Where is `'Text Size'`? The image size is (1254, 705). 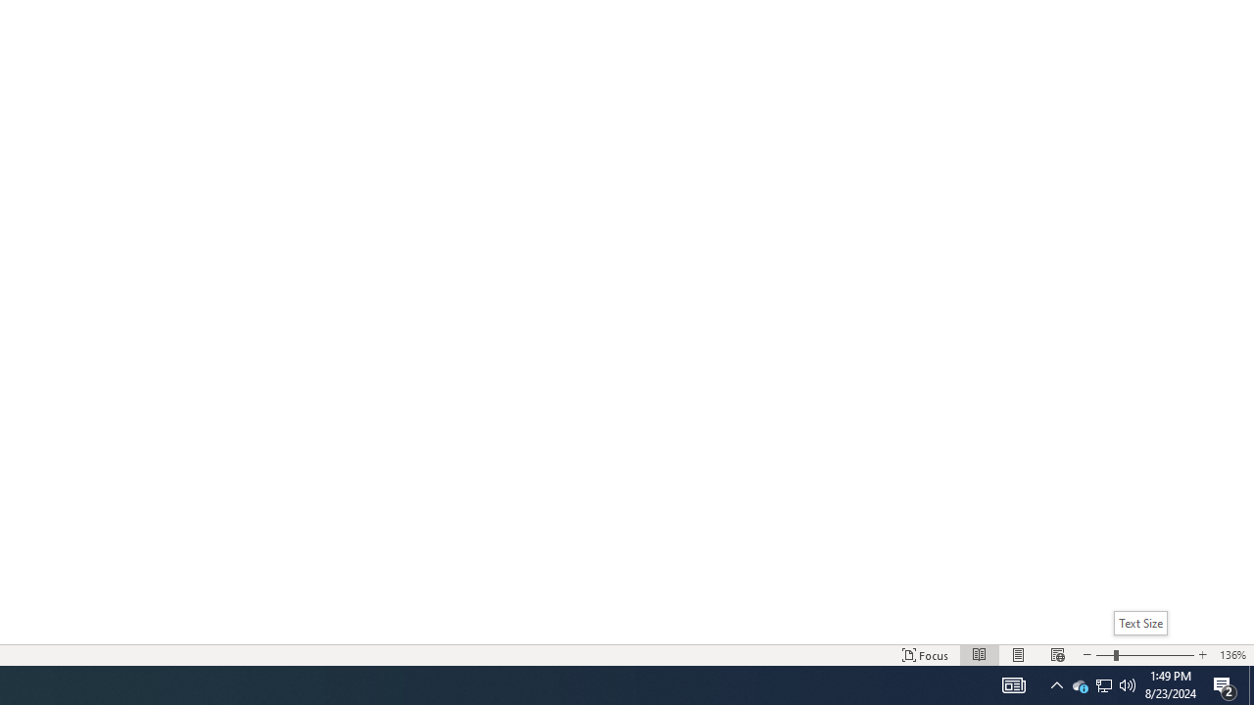 'Text Size' is located at coordinates (1140, 623).